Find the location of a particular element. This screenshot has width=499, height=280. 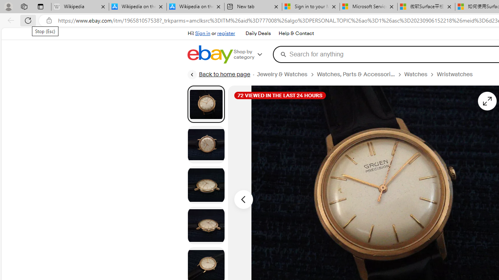

'Sign in to your Microsoft account' is located at coordinates (311, 7).